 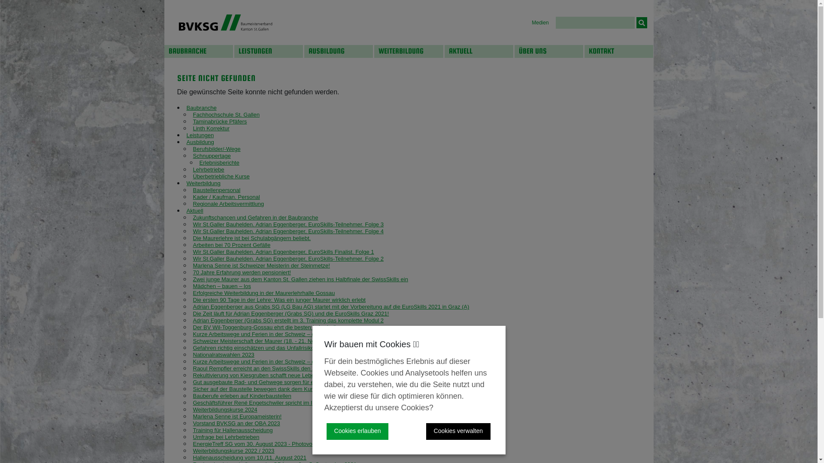 What do you see at coordinates (164, 51) in the screenshot?
I see `'BAUBRANCHE'` at bounding box center [164, 51].